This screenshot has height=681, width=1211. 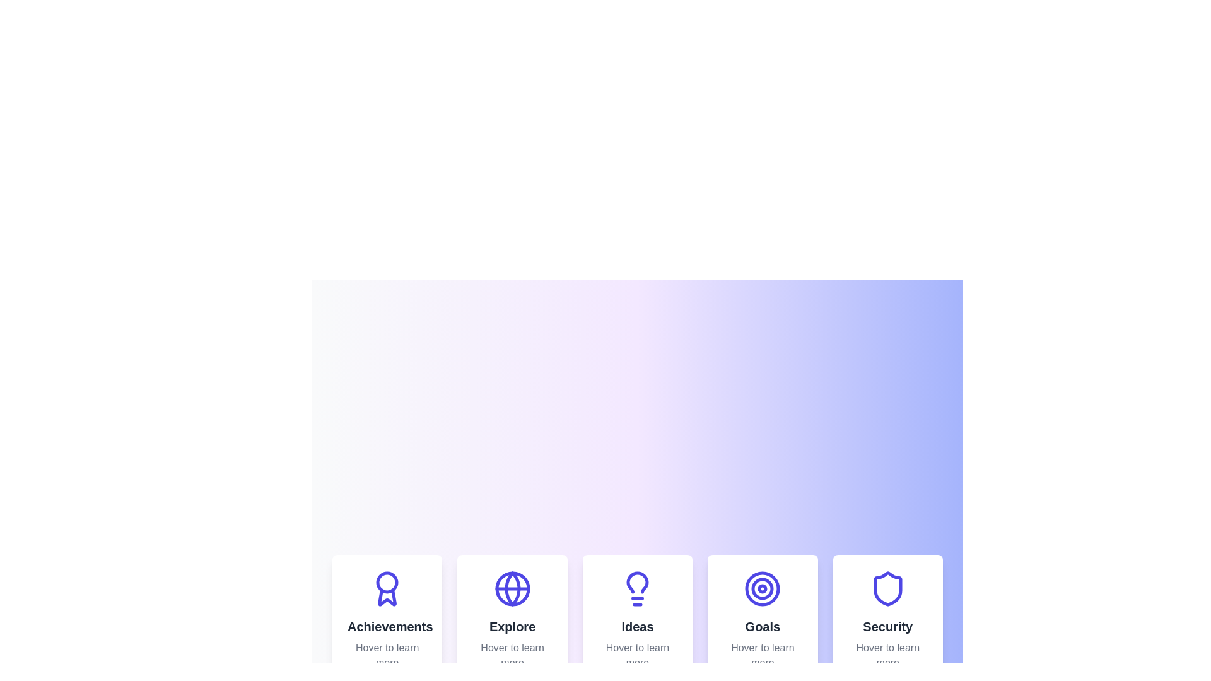 I want to click on the prominent text label displaying 'Goals', which is styled with bold font and dark gray color, located below a target icon and above descriptive text, so click(x=762, y=627).